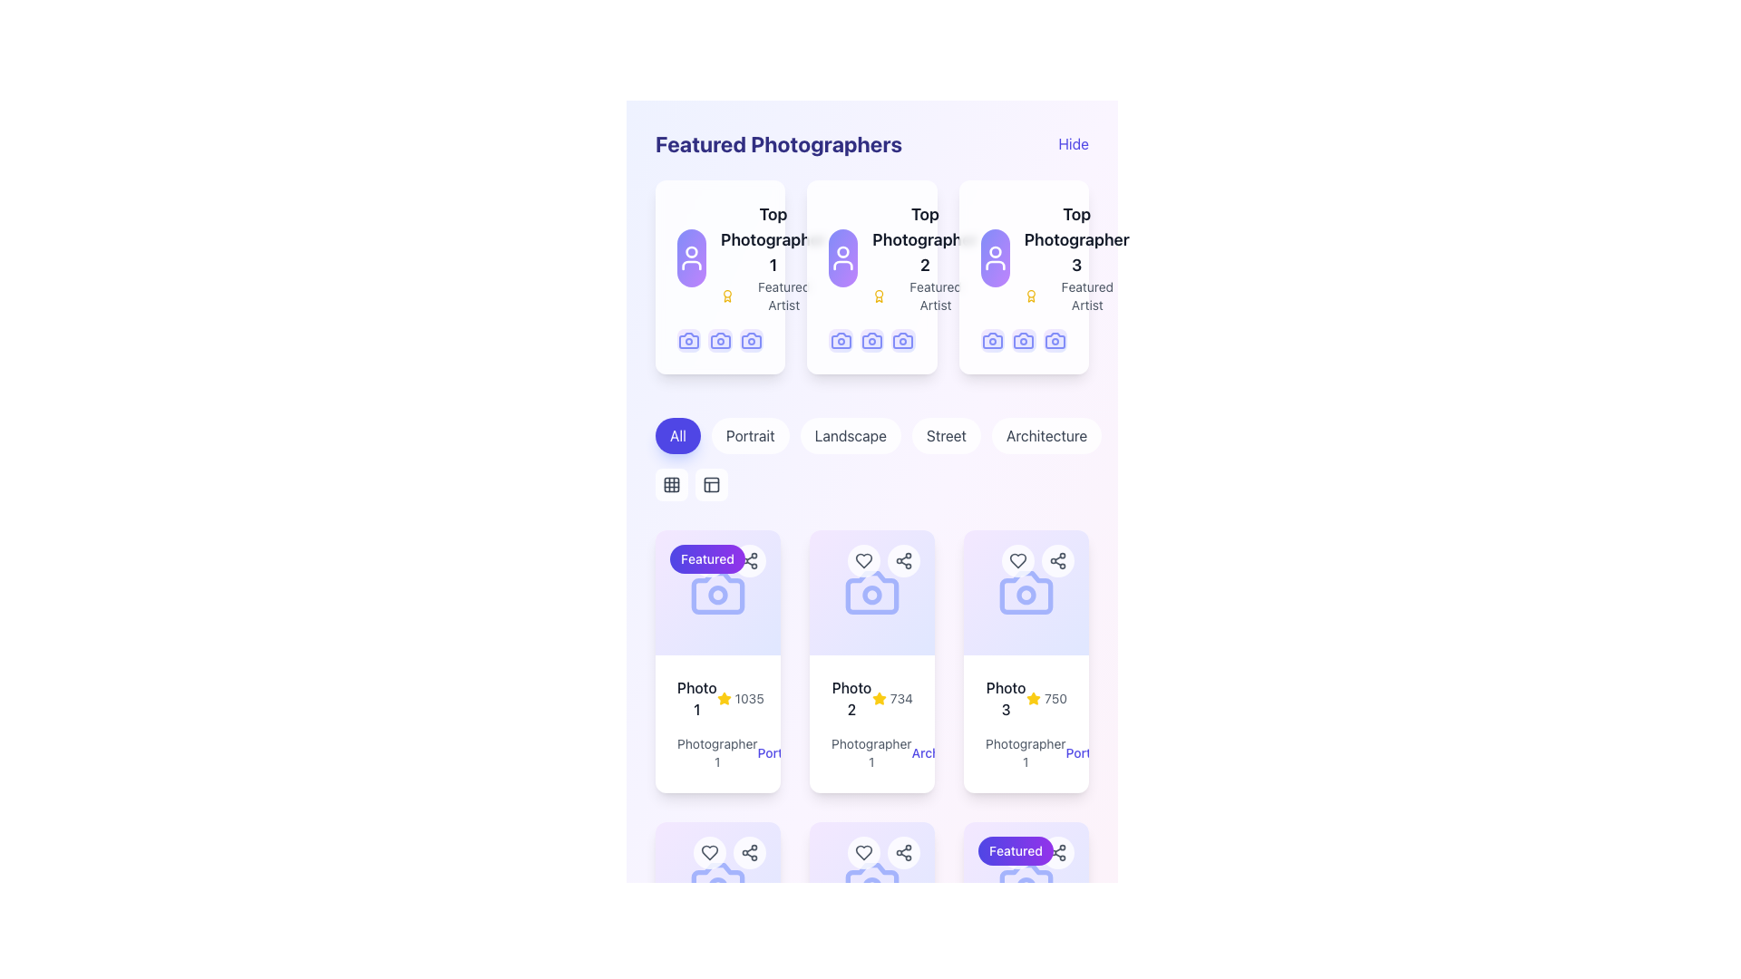 This screenshot has height=979, width=1741. I want to click on the outlined camera icon in the 'Top Photographer 3' section to invoke its function, so click(1024, 341).